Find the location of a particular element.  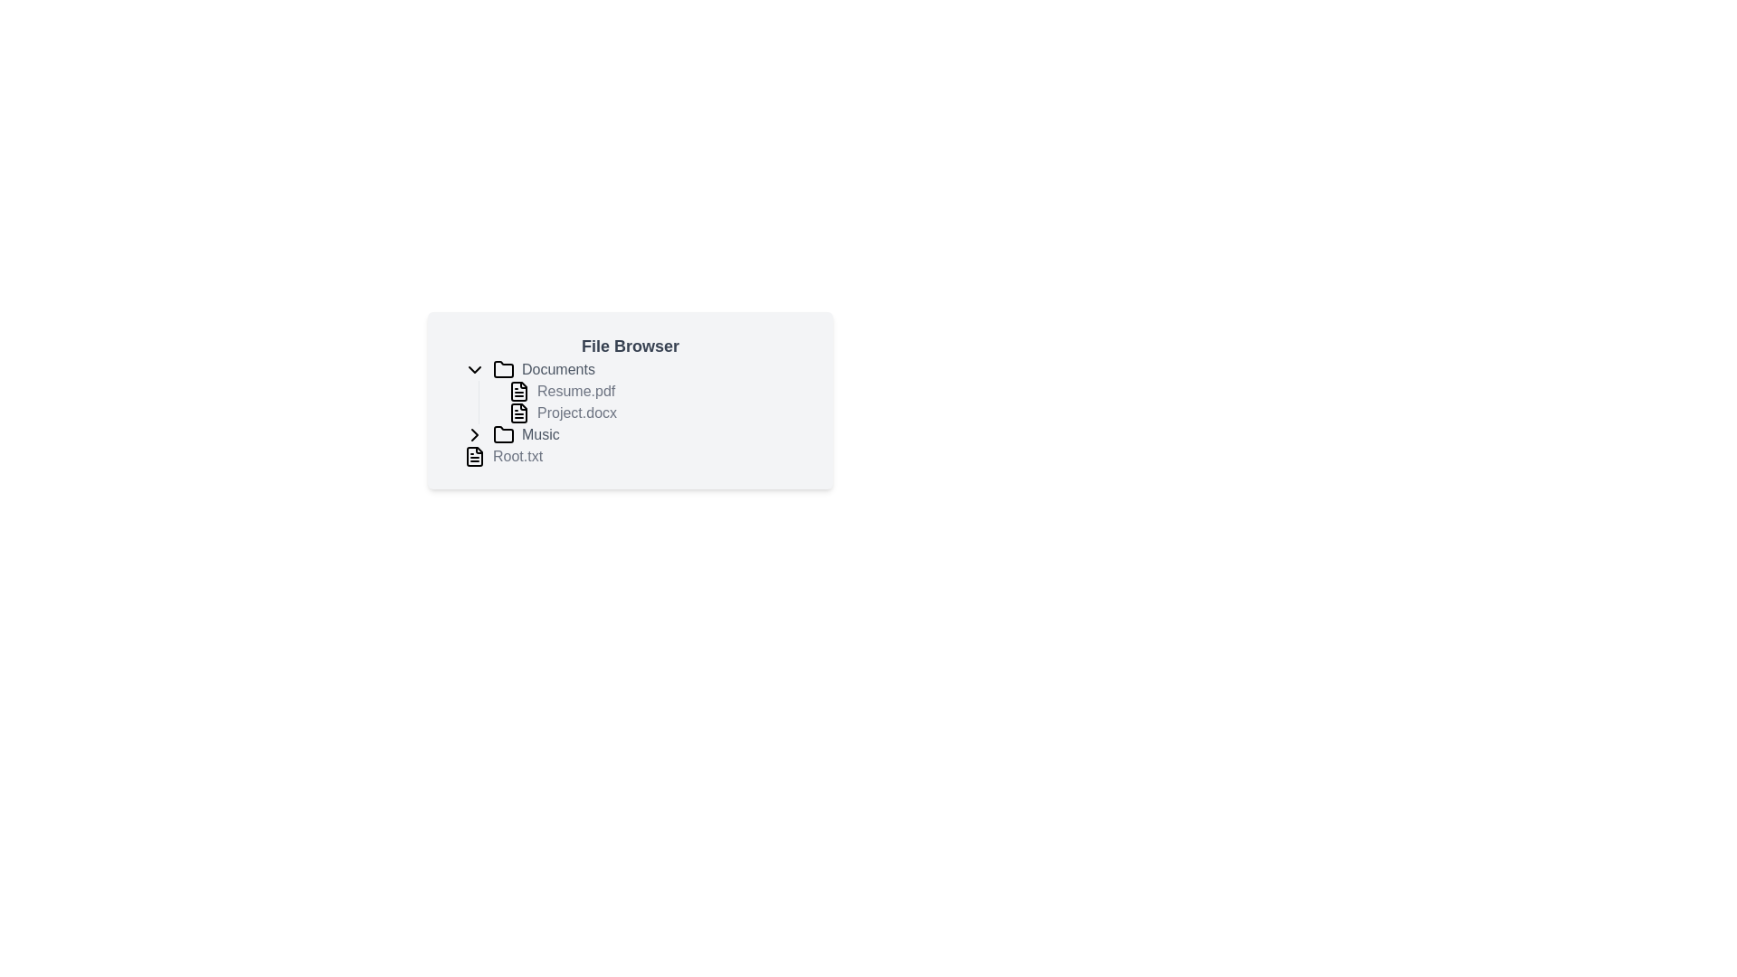

the file icon representing 'Root.txt' in the file browser interface is located at coordinates (474, 456).